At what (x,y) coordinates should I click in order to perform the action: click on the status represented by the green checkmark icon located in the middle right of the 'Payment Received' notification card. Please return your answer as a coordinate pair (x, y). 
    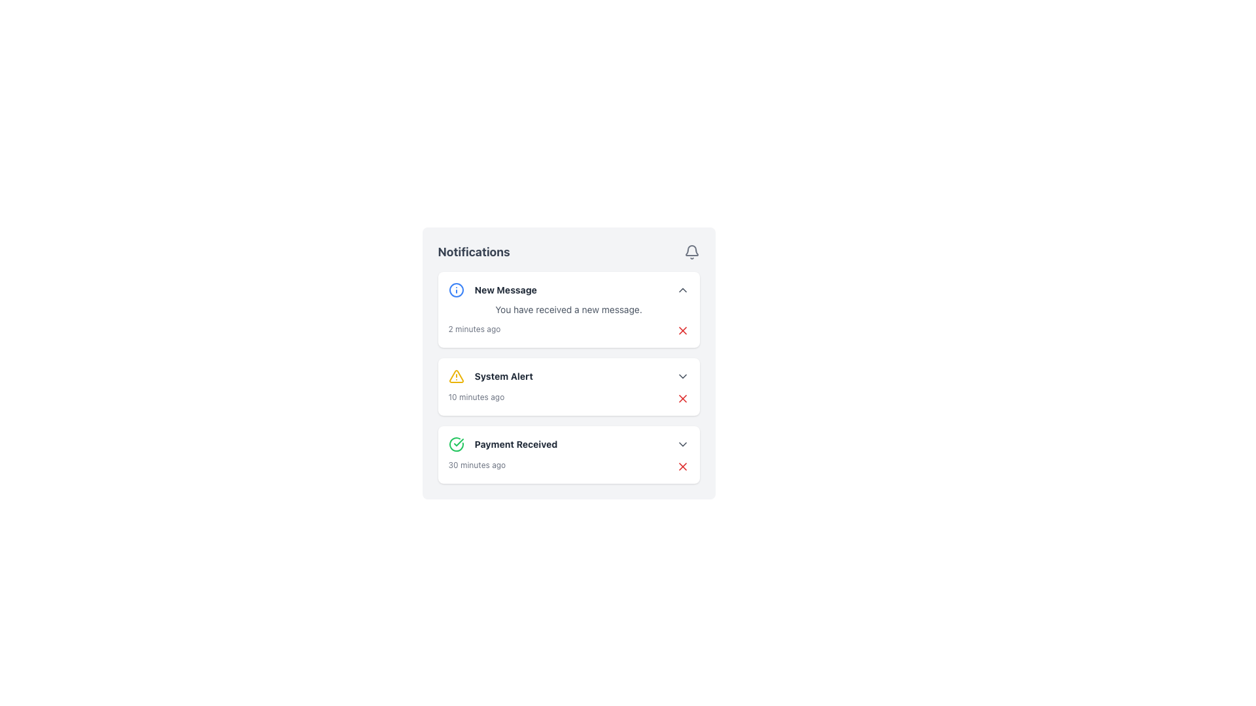
    Looking at the image, I should click on (458, 442).